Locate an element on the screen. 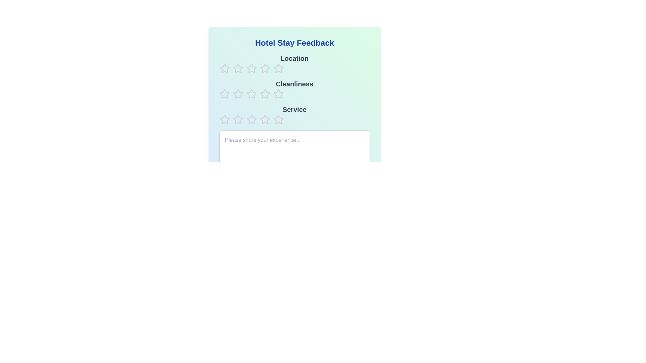 The width and height of the screenshot is (646, 363). the first star-shaped icon in the rating row for the 'Service' category in the 'Hotel Stay Feedback' interface to allow for keyboard interaction is located at coordinates (224, 119).